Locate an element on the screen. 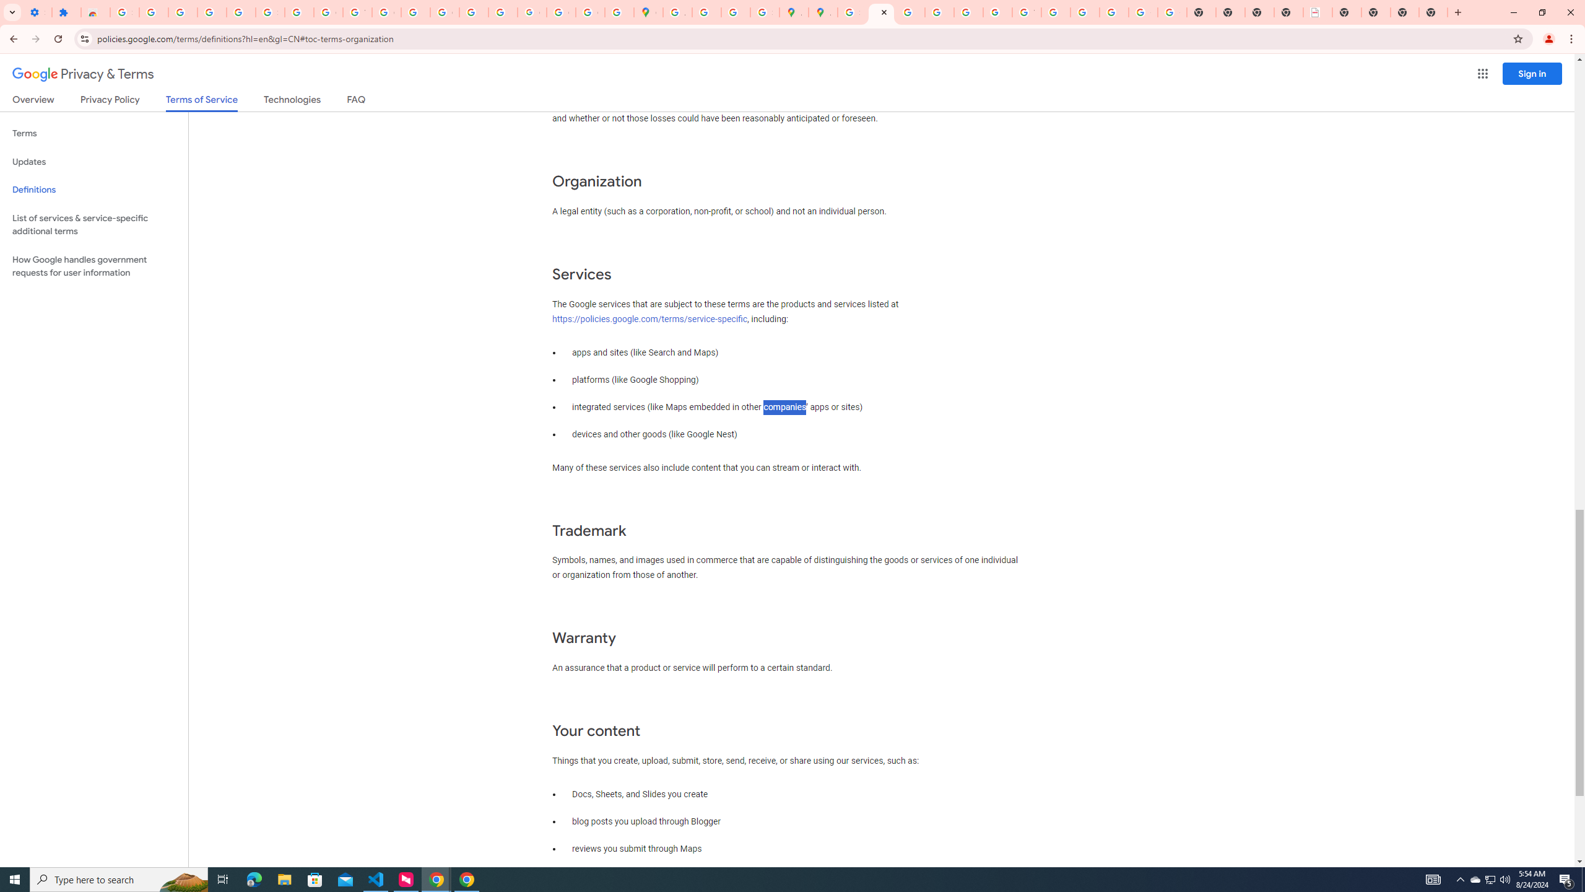 The height and width of the screenshot is (892, 1585). 'Overview' is located at coordinates (32, 102).